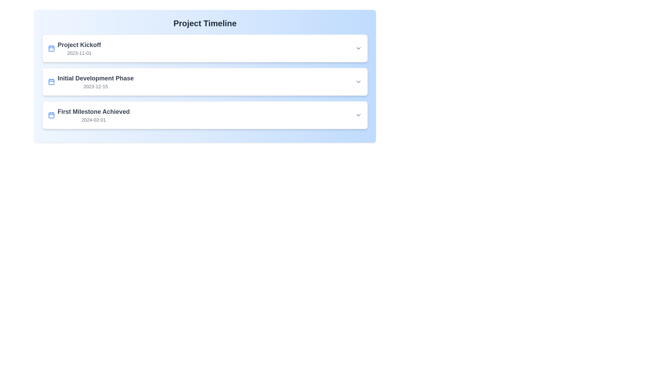 The height and width of the screenshot is (368, 655). What do you see at coordinates (93, 111) in the screenshot?
I see `the Text Label that indicates a significant milestone in the timeline interface, positioned above the date entry '2024-02-01'` at bounding box center [93, 111].